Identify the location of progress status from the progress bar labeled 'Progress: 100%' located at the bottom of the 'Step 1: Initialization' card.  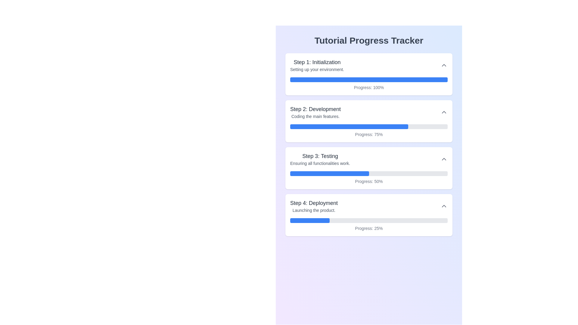
(368, 84).